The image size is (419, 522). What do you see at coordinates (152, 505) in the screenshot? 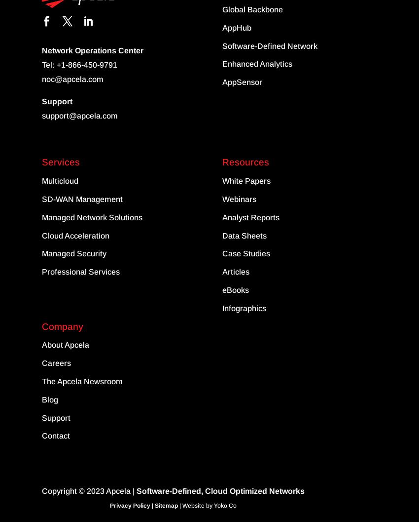
I see `'|'` at bounding box center [152, 505].